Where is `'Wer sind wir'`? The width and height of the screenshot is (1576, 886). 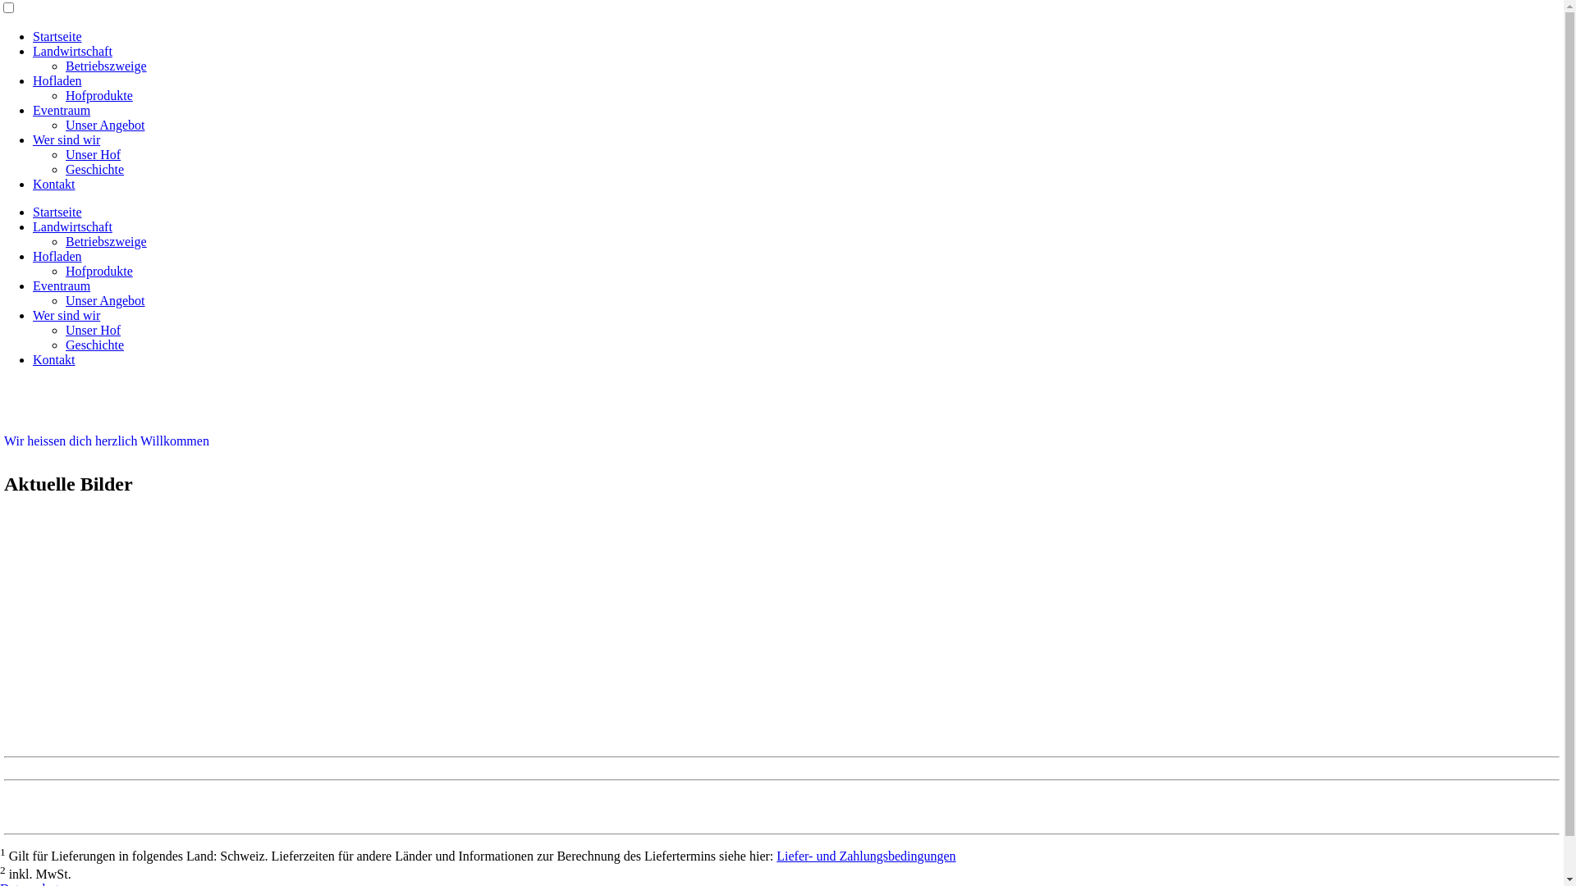
'Wer sind wir' is located at coordinates (66, 315).